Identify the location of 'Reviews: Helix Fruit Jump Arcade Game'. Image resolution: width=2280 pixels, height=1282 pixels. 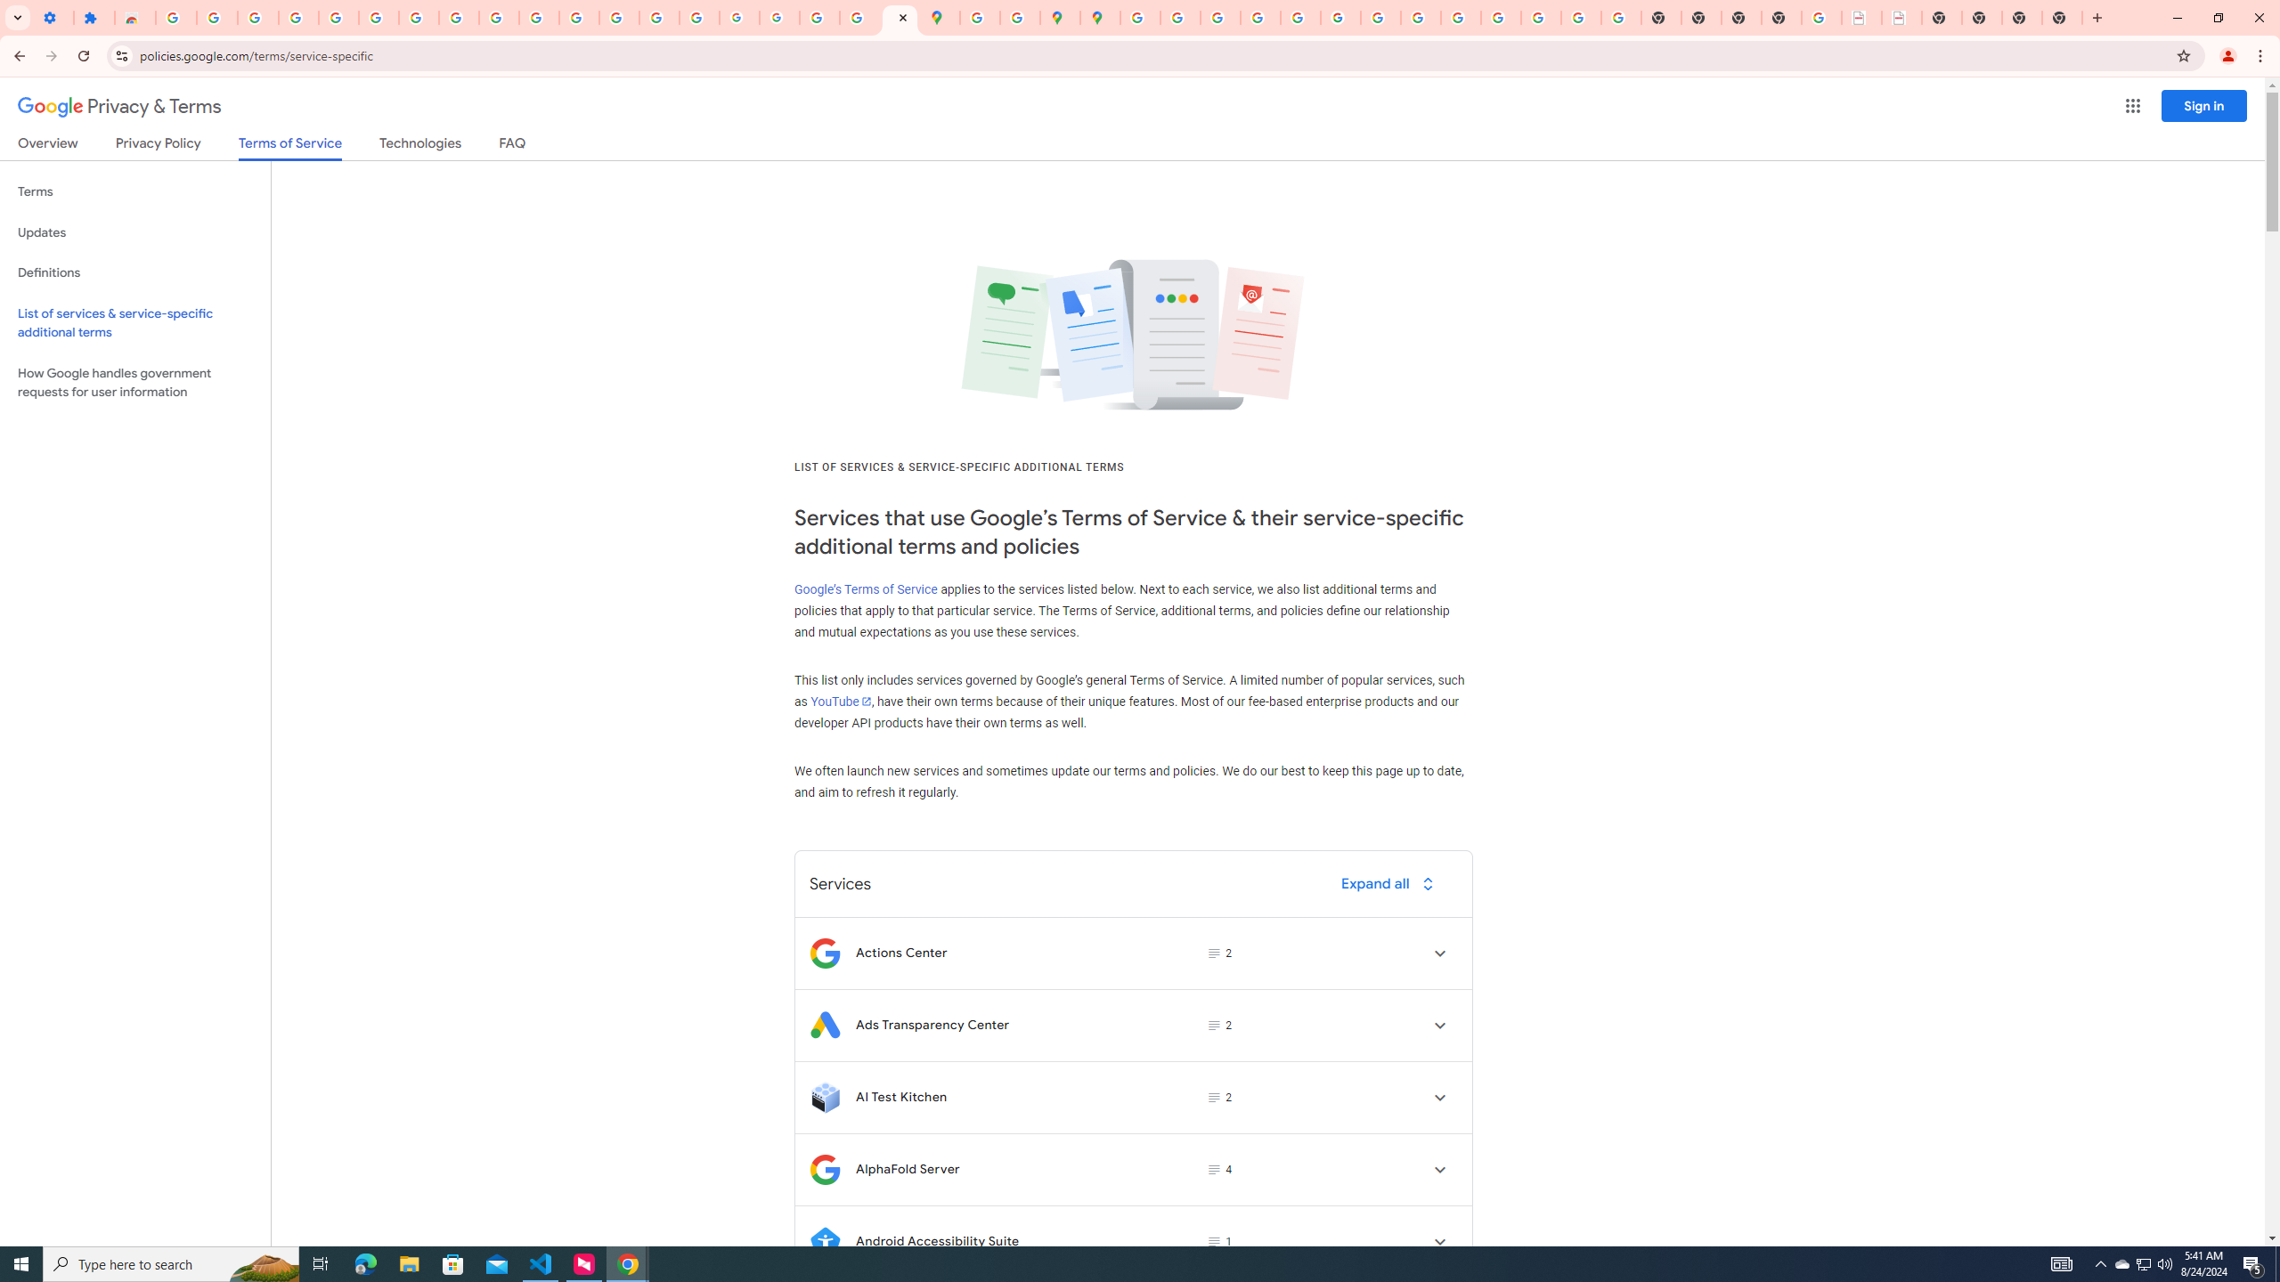
(134, 17).